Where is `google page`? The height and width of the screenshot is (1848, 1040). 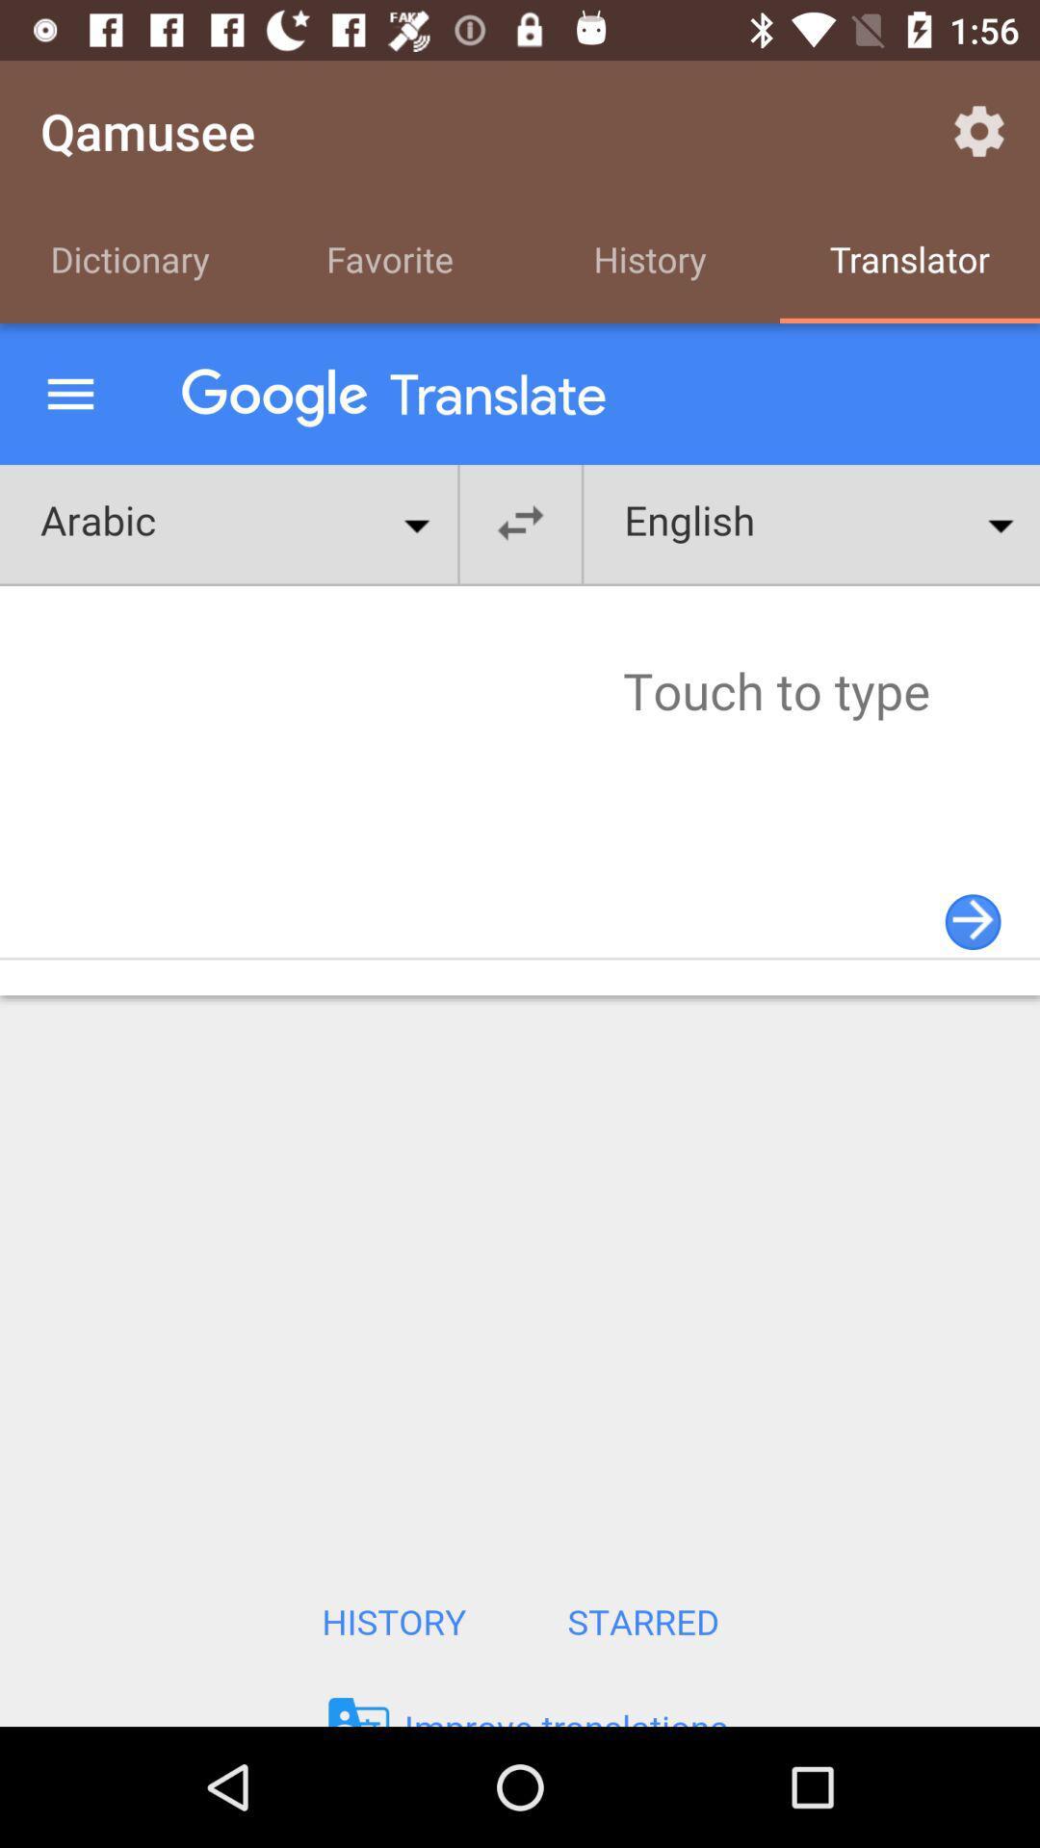
google page is located at coordinates (520, 1024).